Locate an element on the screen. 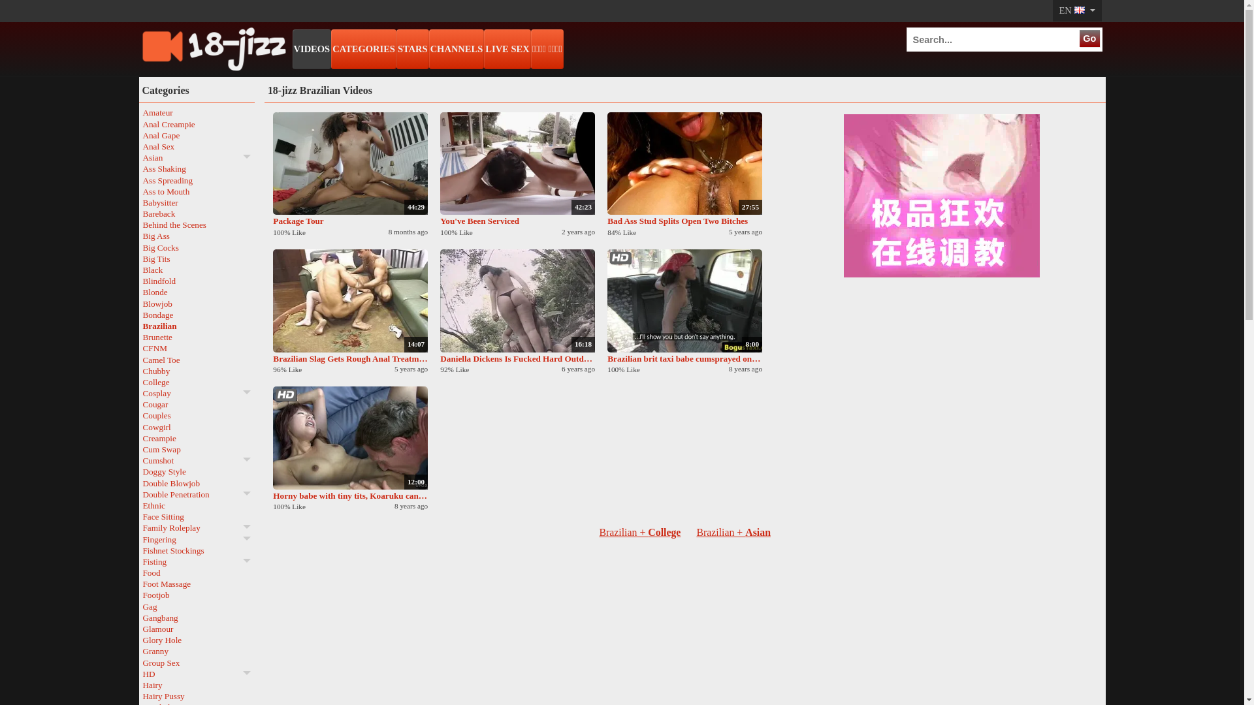 This screenshot has height=705, width=1254. 'Cum Swap' is located at coordinates (196, 448).